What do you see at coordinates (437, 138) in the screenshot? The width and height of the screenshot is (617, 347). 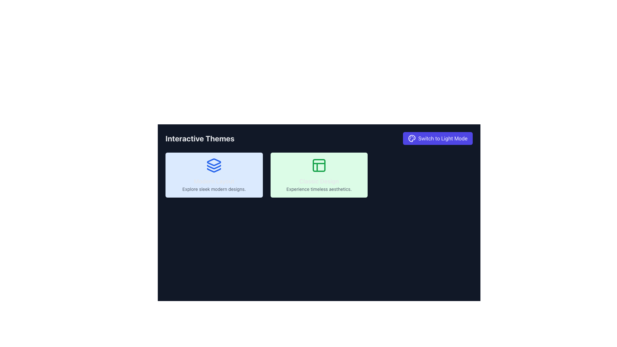 I see `the 'Switch to Light Mode' button with a vibrant indigo background and rounded corners, located on the far right side of the 'Interactive Themes' section to switch the theme` at bounding box center [437, 138].